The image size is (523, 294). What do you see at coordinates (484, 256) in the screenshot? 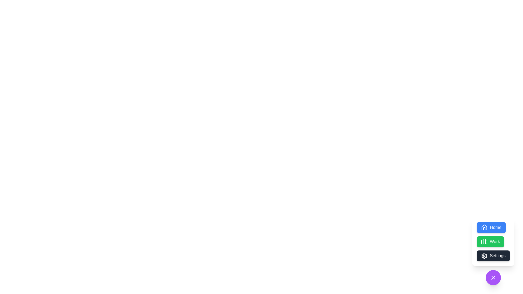
I see `the settings icon, which is a gear with a hollow center located within the dark rectangular button labeled 'Settings'. This icon is positioned to the left of the text 'Settings' and is the leftmost element in the button group` at bounding box center [484, 256].